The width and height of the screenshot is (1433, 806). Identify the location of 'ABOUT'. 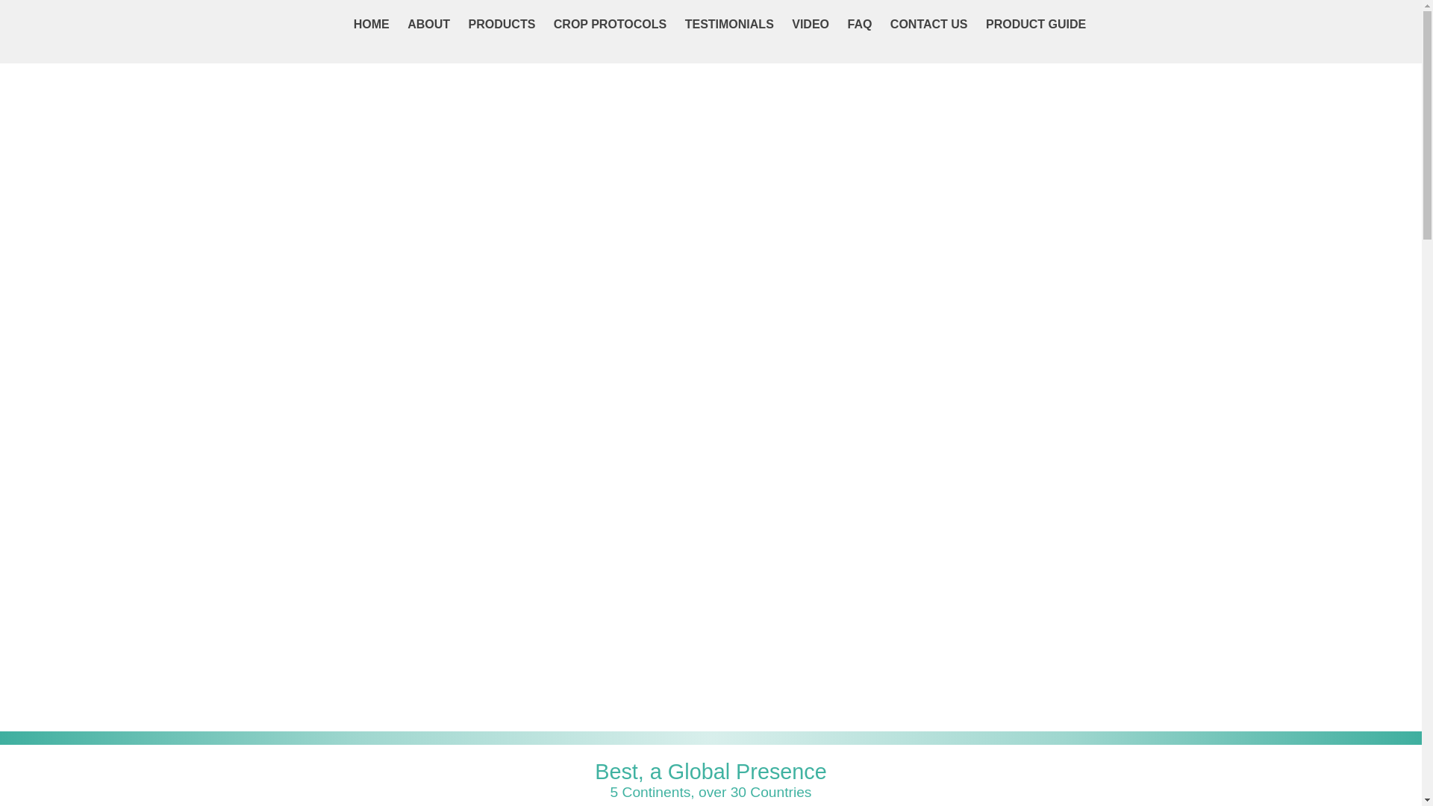
(428, 24).